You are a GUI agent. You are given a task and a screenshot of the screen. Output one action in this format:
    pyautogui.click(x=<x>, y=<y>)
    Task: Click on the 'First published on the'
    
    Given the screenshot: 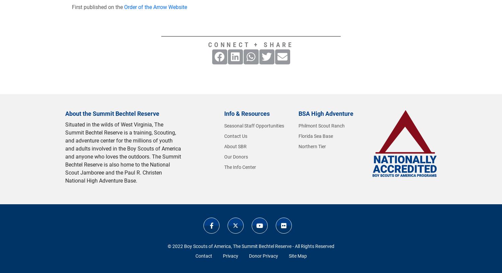 What is the action you would take?
    pyautogui.click(x=98, y=6)
    